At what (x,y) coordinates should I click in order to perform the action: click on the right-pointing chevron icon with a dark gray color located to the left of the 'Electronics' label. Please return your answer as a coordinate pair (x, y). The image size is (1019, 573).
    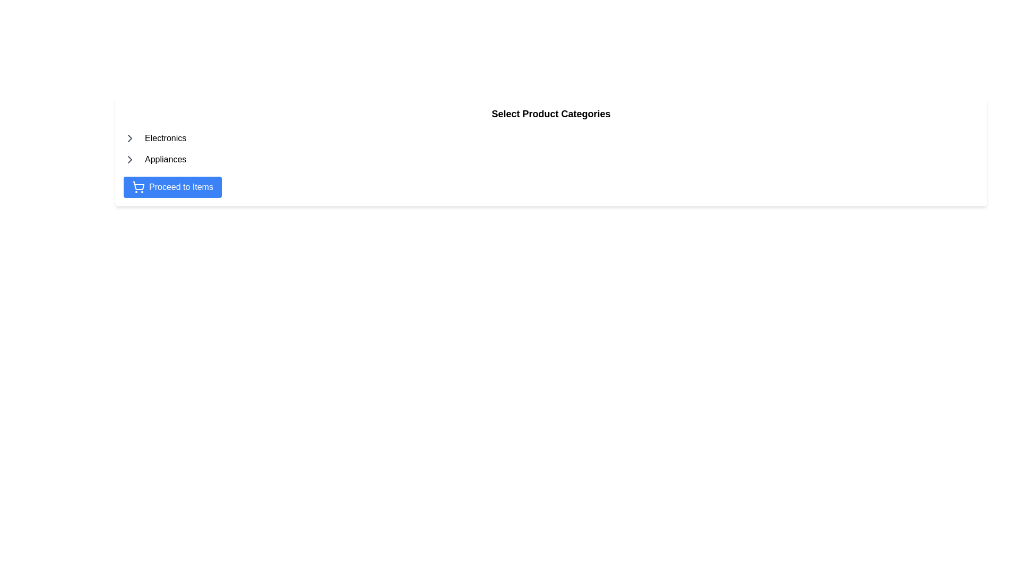
    Looking at the image, I should click on (129, 138).